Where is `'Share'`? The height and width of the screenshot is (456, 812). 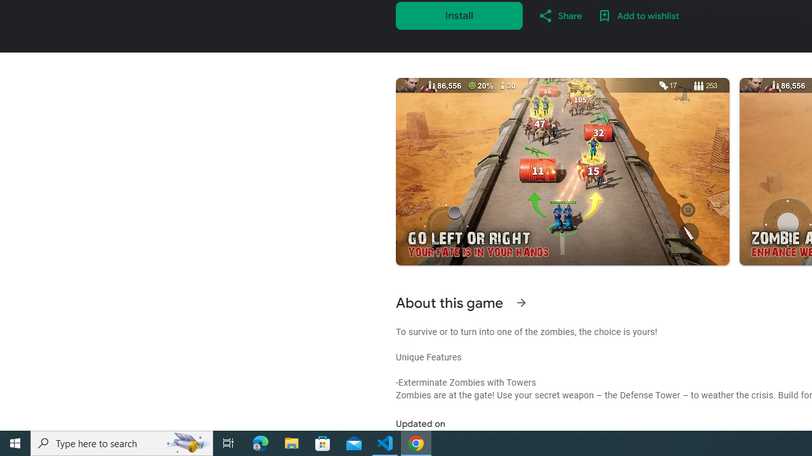 'Share' is located at coordinates (558, 15).